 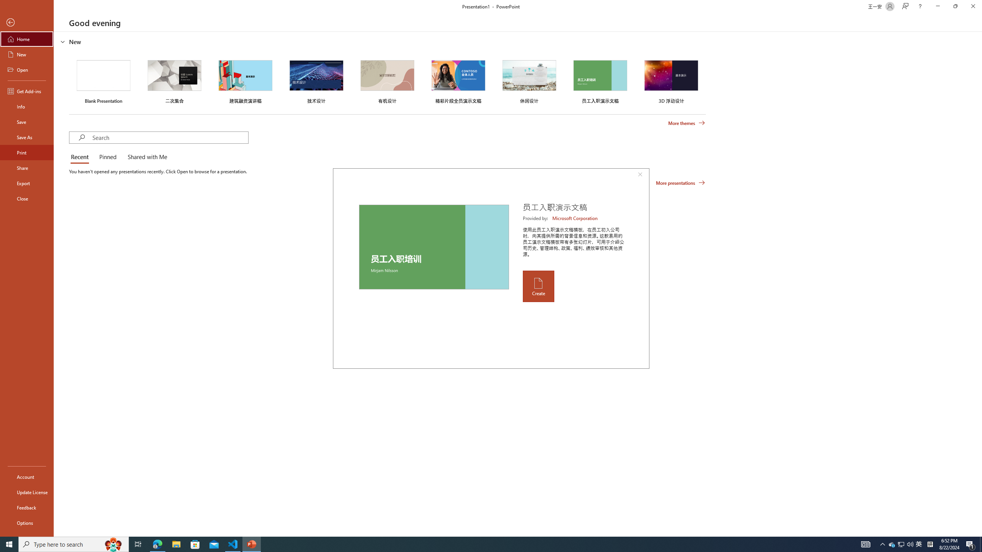 What do you see at coordinates (26, 477) in the screenshot?
I see `'Account'` at bounding box center [26, 477].